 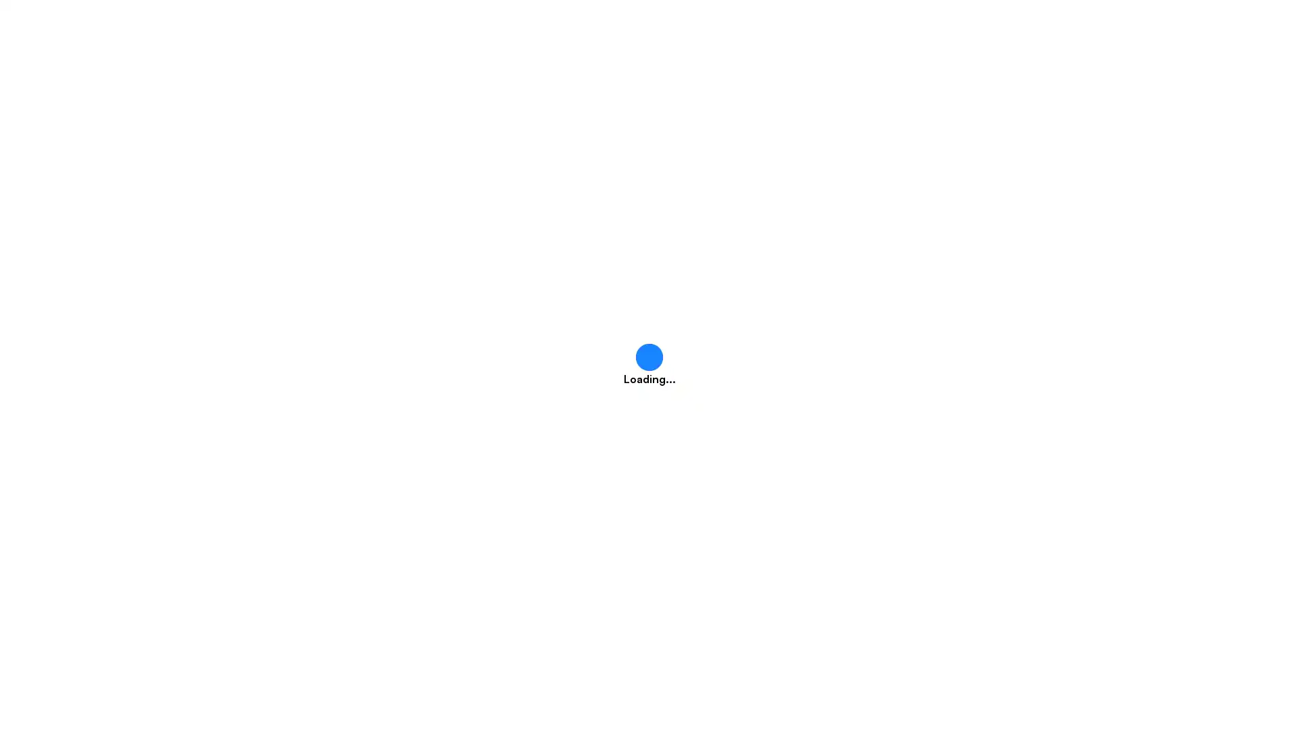 I want to click on Got it, so click(x=659, y=439).